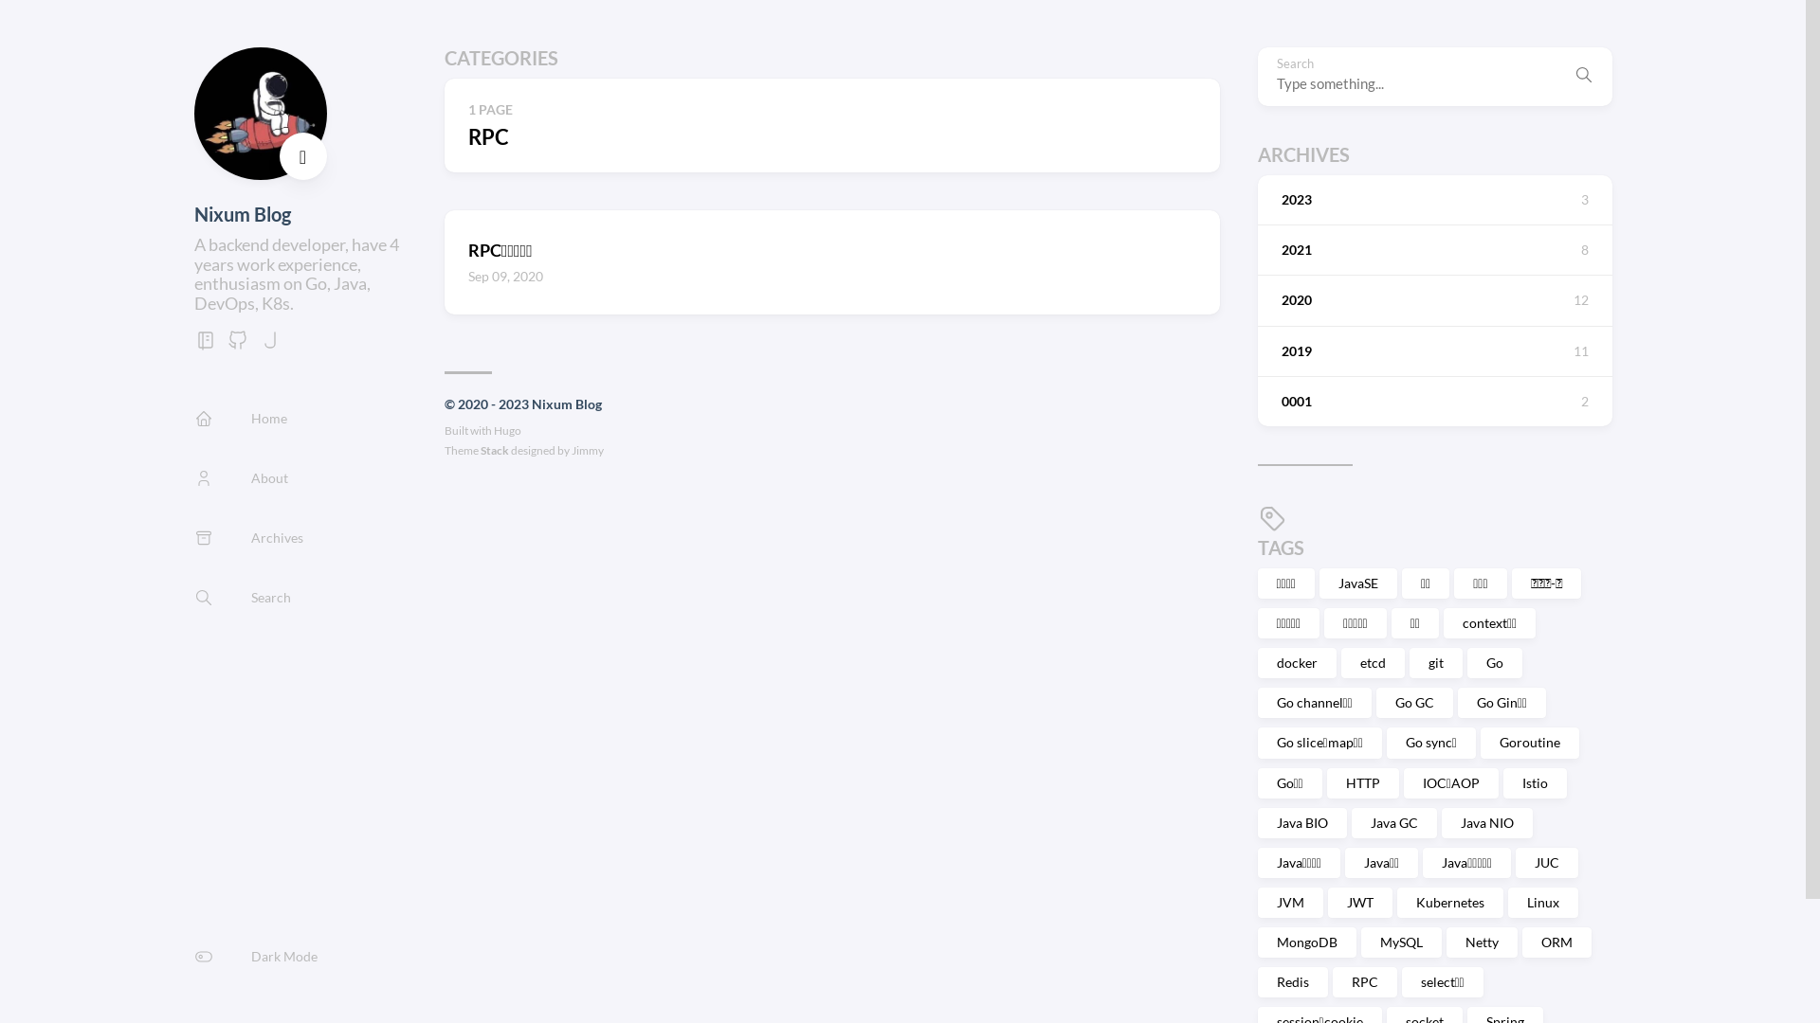 The width and height of the screenshot is (1820, 1023). What do you see at coordinates (586, 450) in the screenshot?
I see `'Jimmy'` at bounding box center [586, 450].